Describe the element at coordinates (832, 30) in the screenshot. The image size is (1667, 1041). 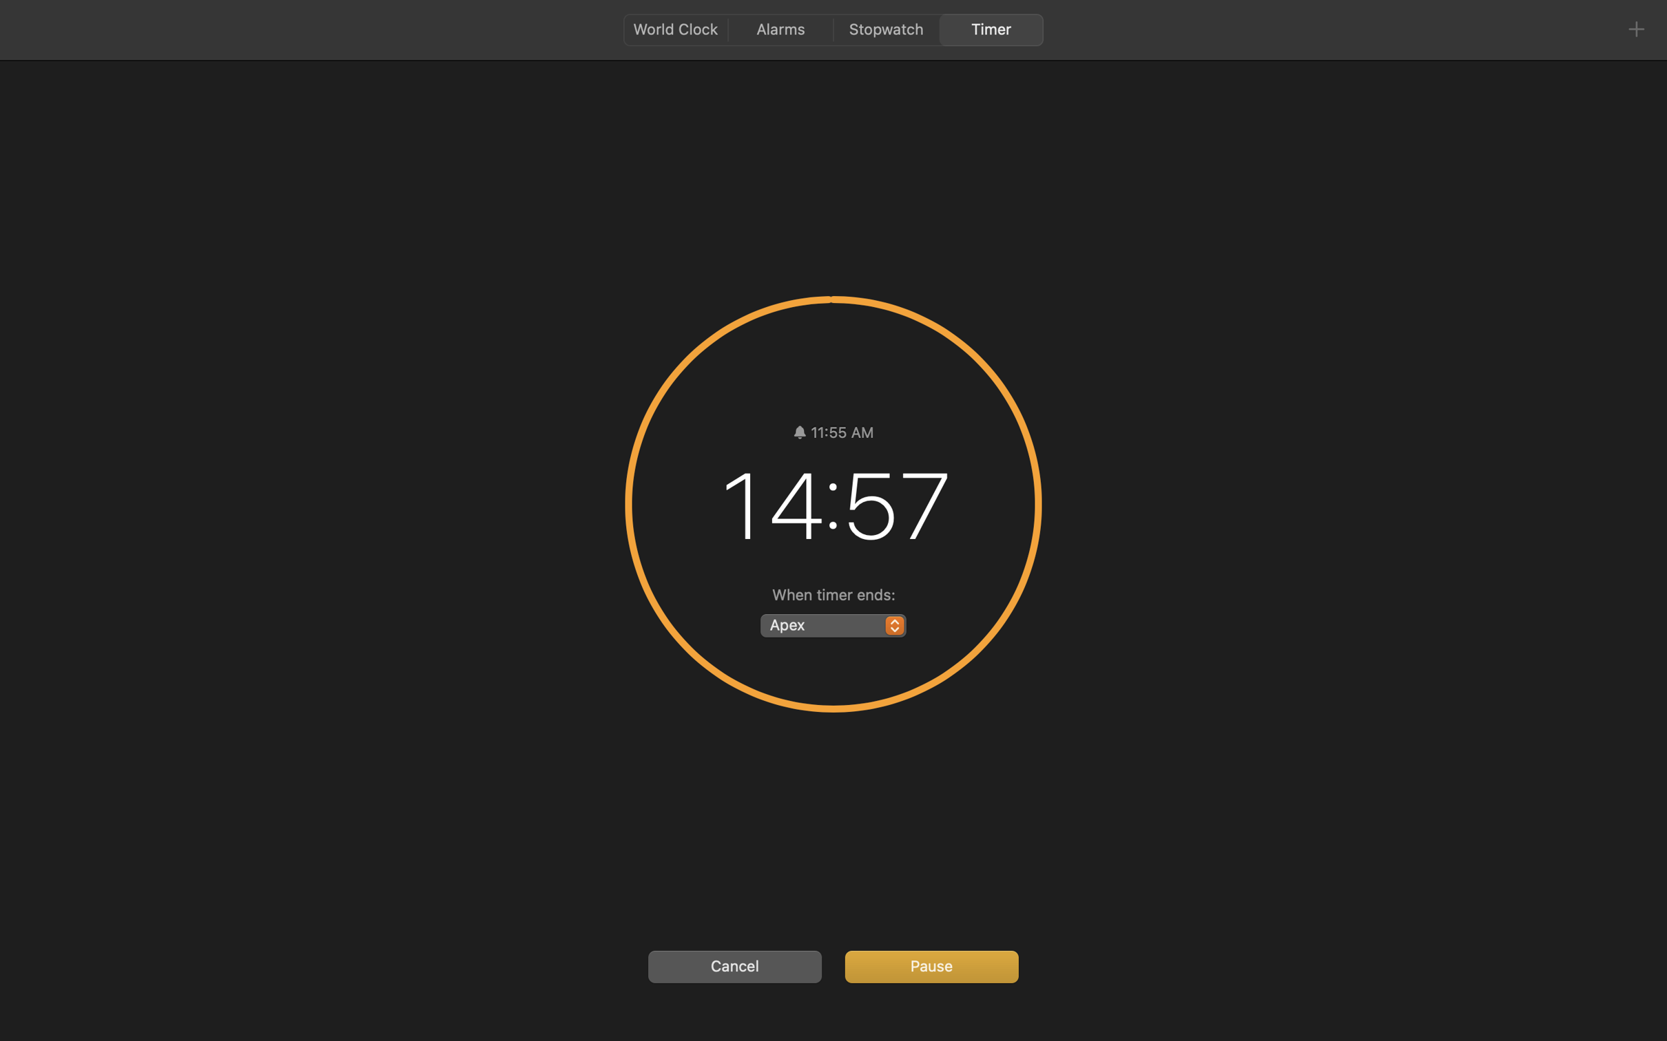
I see `'<AXUIElement 0x10f0f4890> {pid=1597}'` at that location.